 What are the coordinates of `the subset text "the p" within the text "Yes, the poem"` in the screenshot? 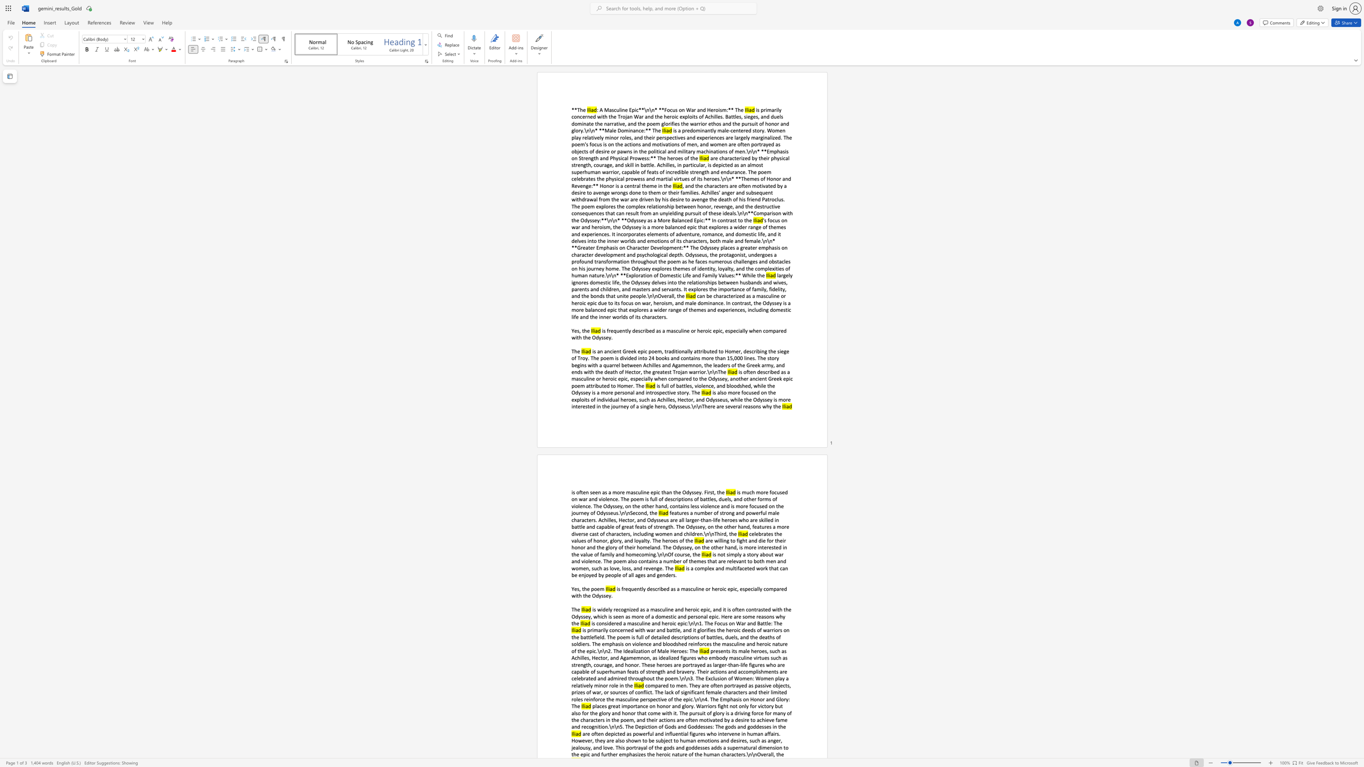 It's located at (582, 589).